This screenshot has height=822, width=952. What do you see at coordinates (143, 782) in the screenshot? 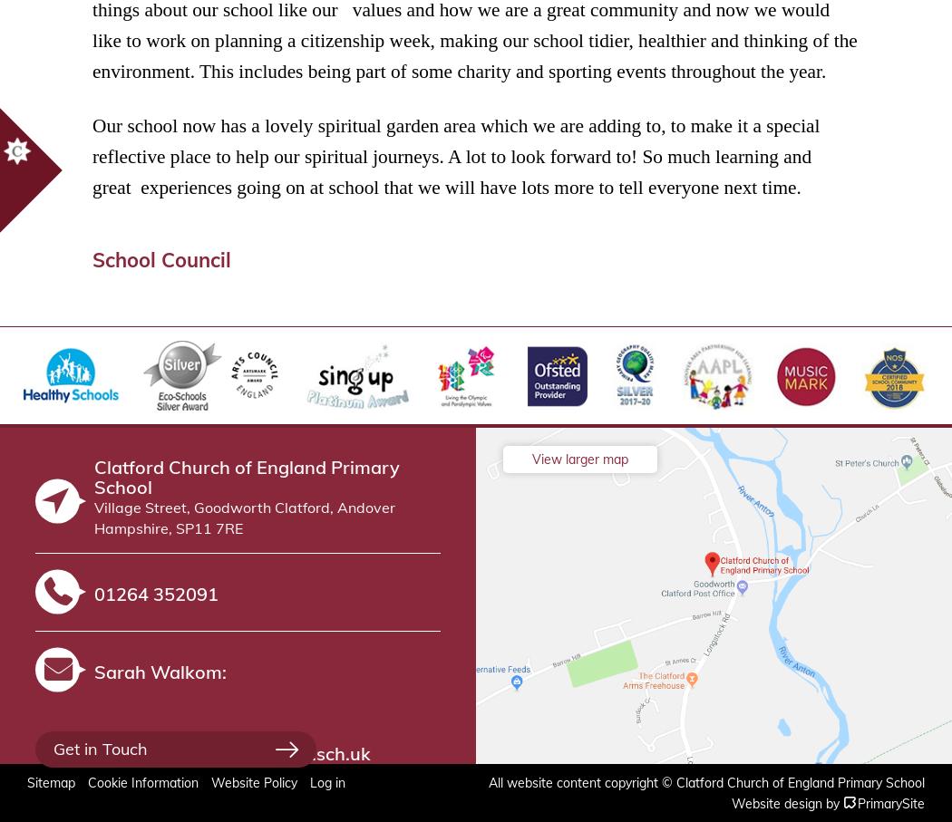
I see `'Cookie Information'` at bounding box center [143, 782].